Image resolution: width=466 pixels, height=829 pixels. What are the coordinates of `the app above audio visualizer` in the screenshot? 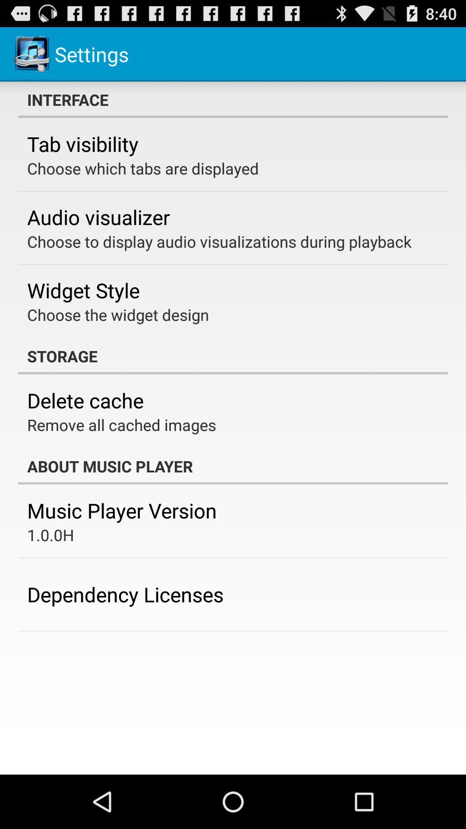 It's located at (142, 168).